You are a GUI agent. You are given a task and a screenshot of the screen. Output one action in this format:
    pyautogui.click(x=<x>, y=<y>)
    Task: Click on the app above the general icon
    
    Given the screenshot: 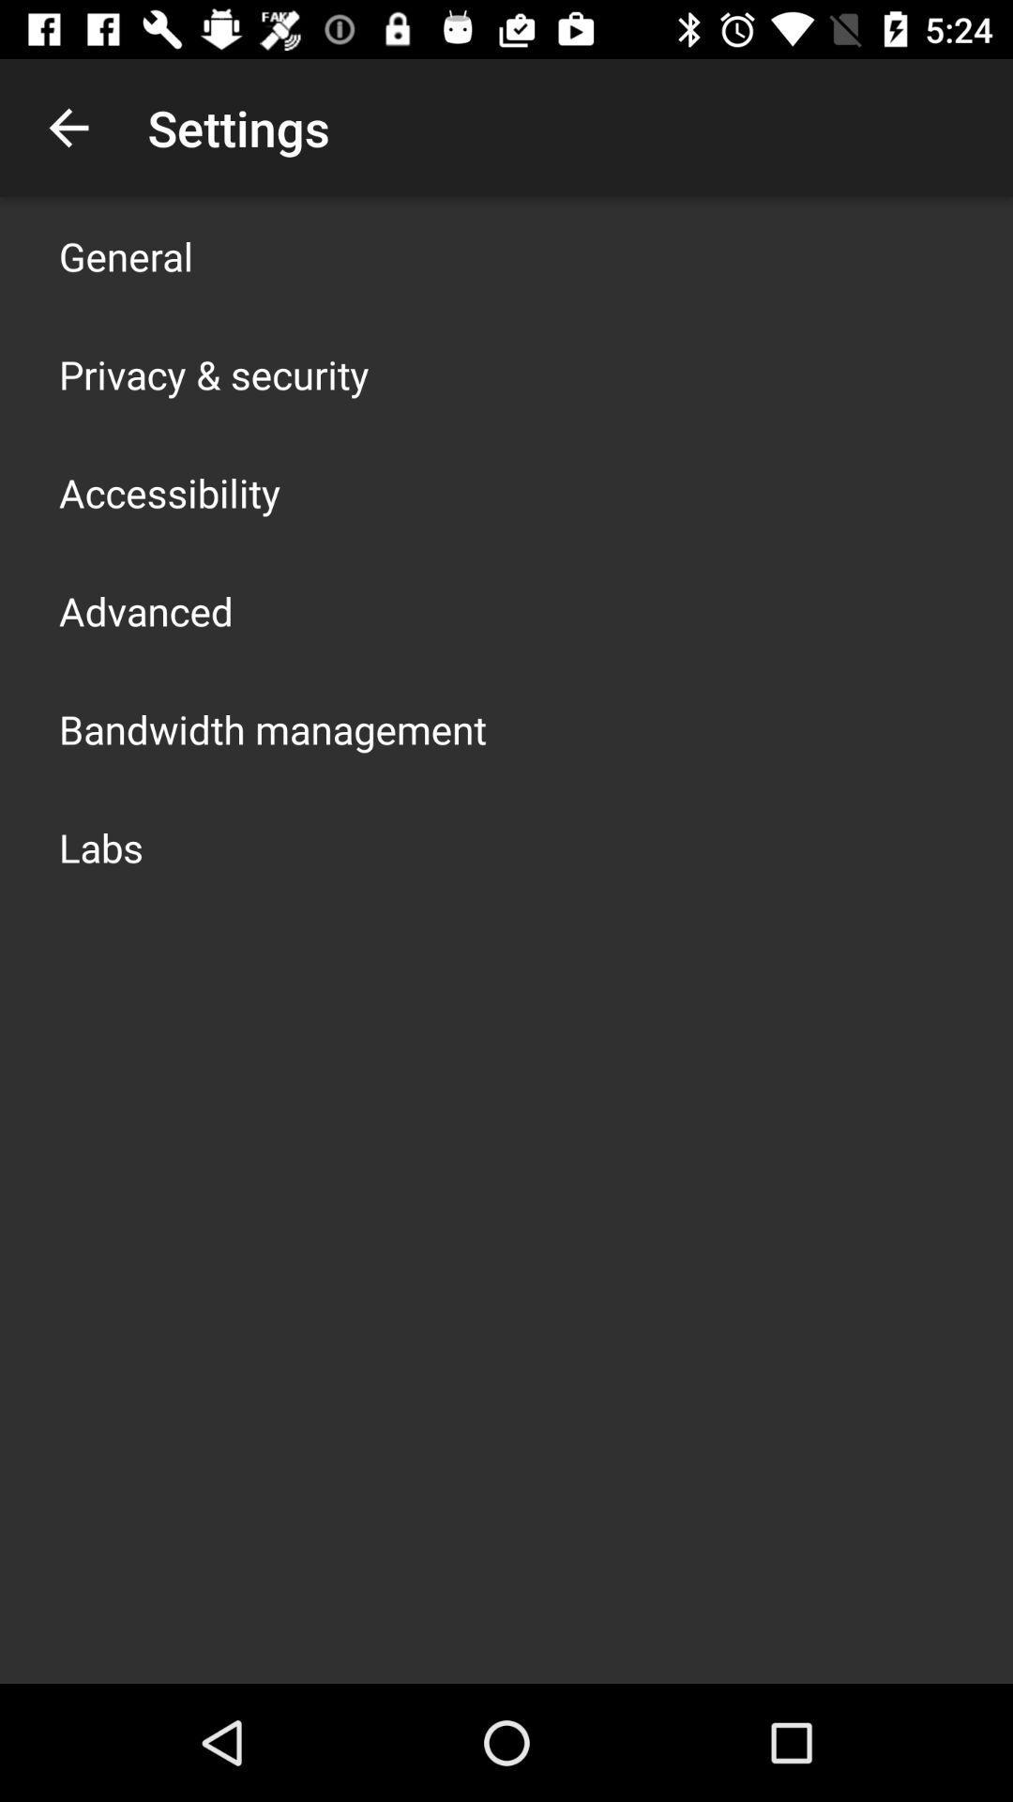 What is the action you would take?
    pyautogui.click(x=68, y=127)
    